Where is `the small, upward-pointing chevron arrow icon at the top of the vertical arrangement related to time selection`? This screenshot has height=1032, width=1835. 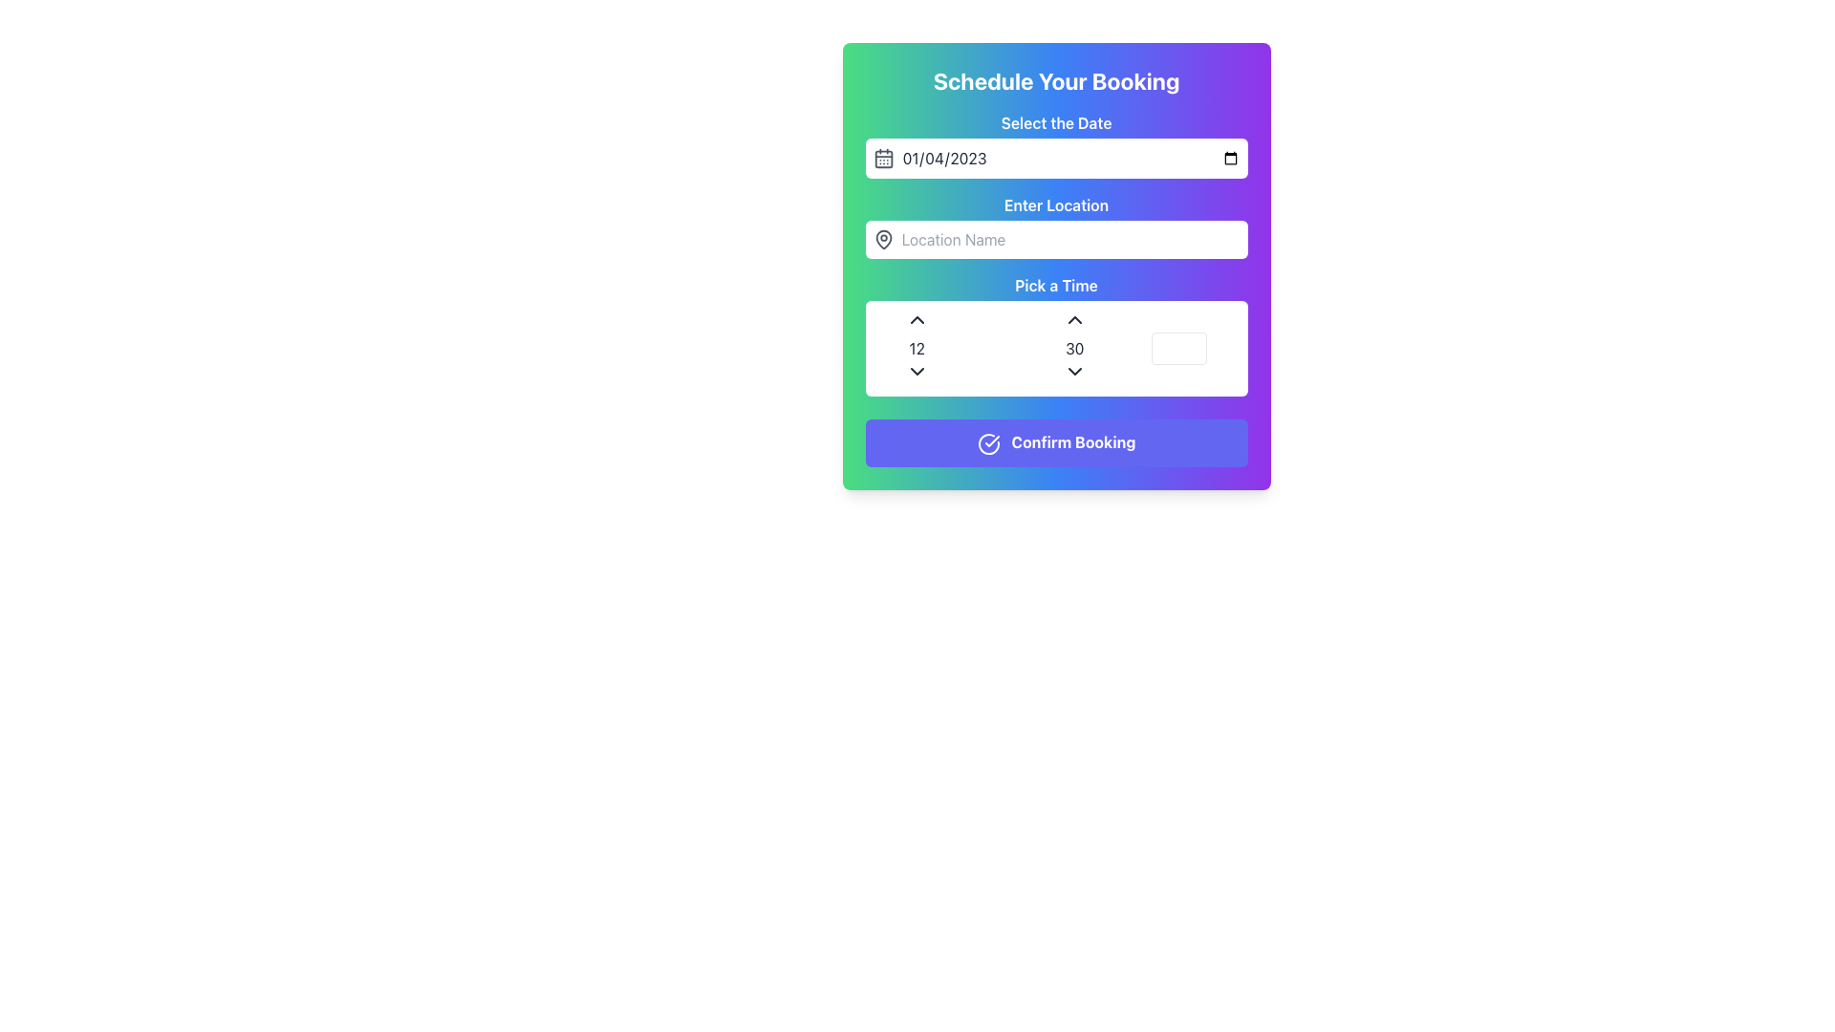 the small, upward-pointing chevron arrow icon at the top of the vertical arrangement related to time selection is located at coordinates (1074, 319).